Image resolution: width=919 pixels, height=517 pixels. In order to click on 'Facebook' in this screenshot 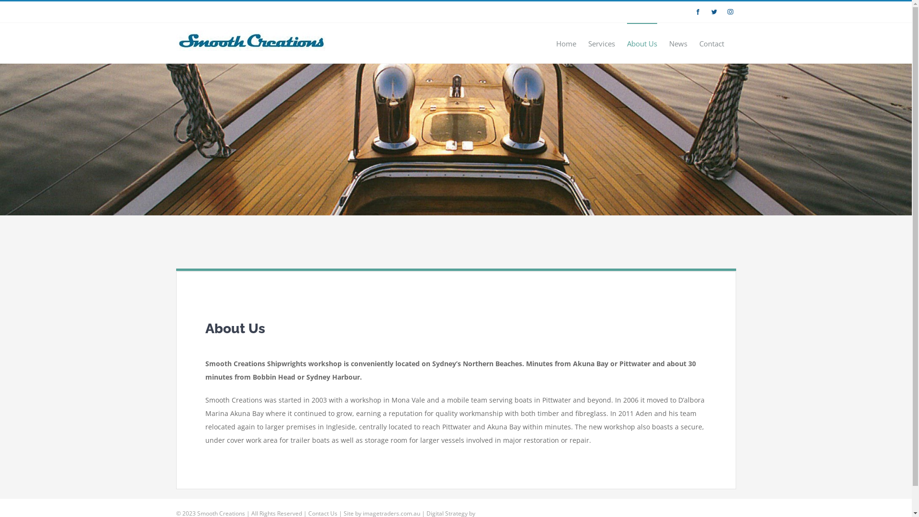, I will do `click(698, 11)`.